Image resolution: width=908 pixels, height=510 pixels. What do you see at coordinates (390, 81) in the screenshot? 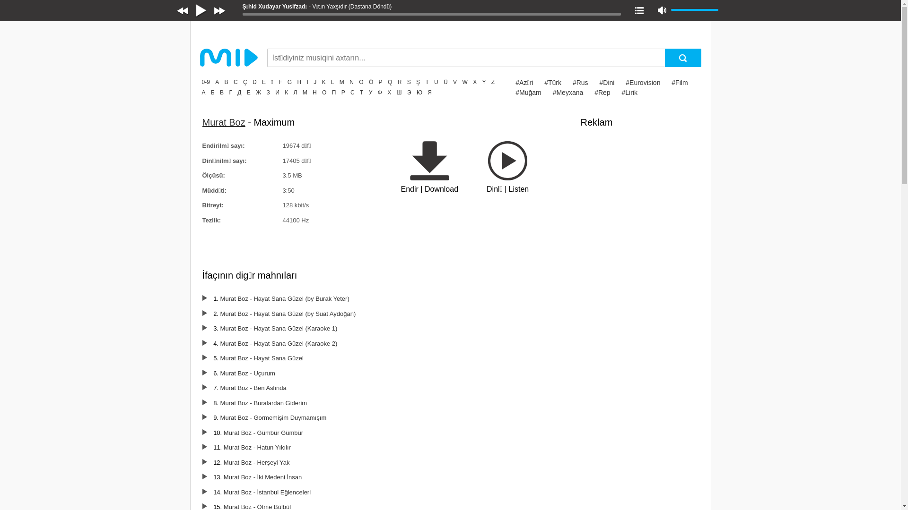
I see `'Q'` at bounding box center [390, 81].